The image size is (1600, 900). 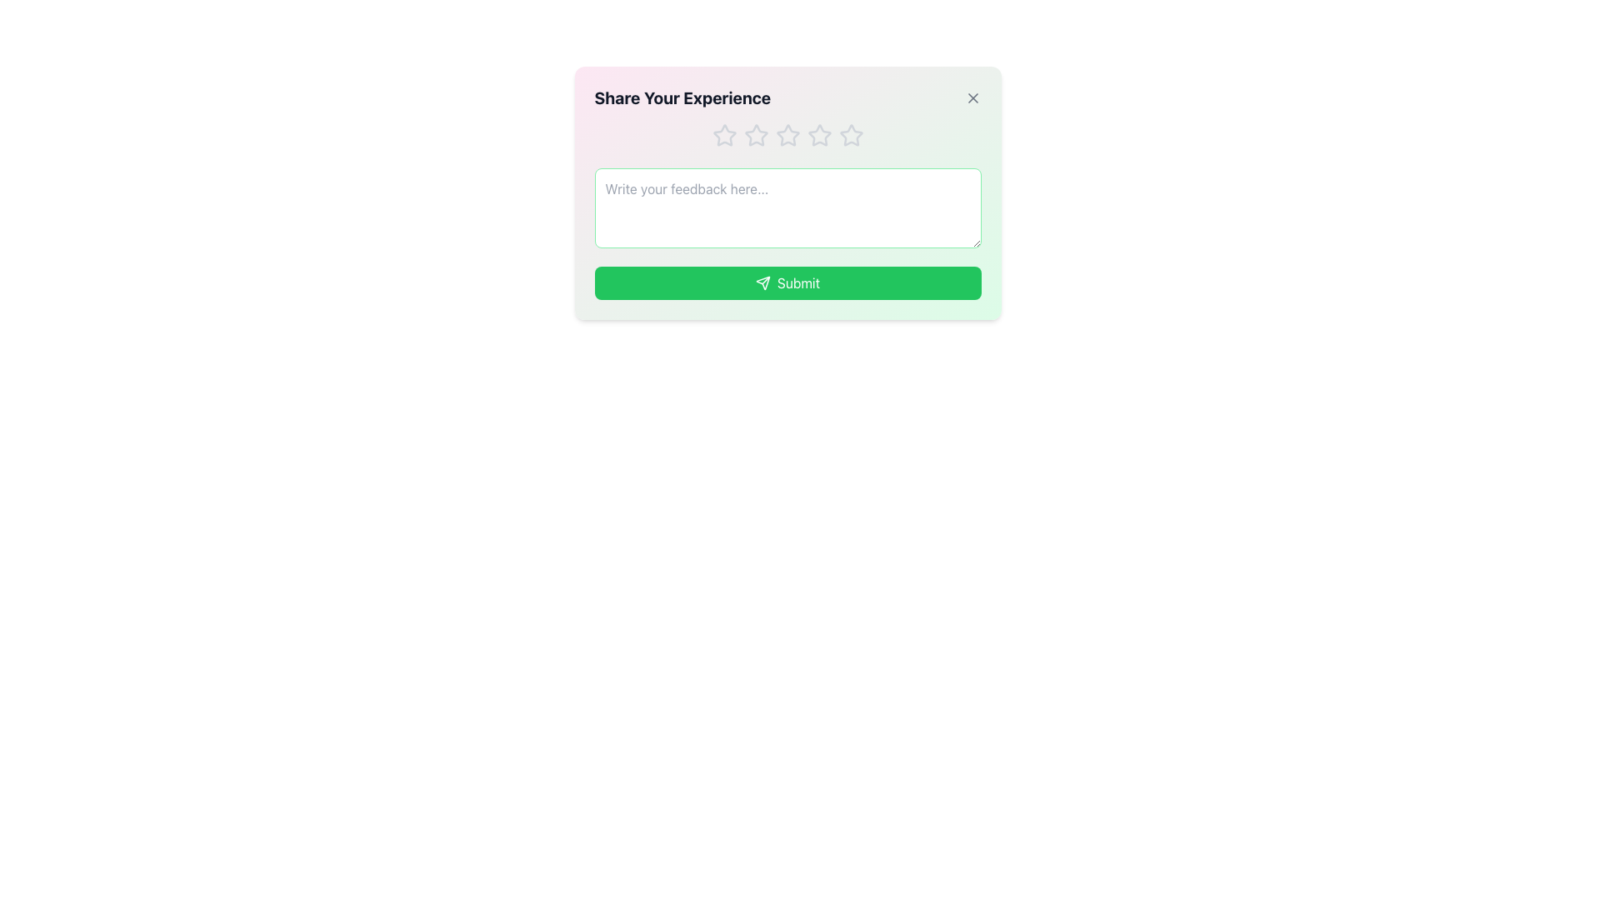 What do you see at coordinates (819, 134) in the screenshot?
I see `the third star in the horizontal row of five stars` at bounding box center [819, 134].